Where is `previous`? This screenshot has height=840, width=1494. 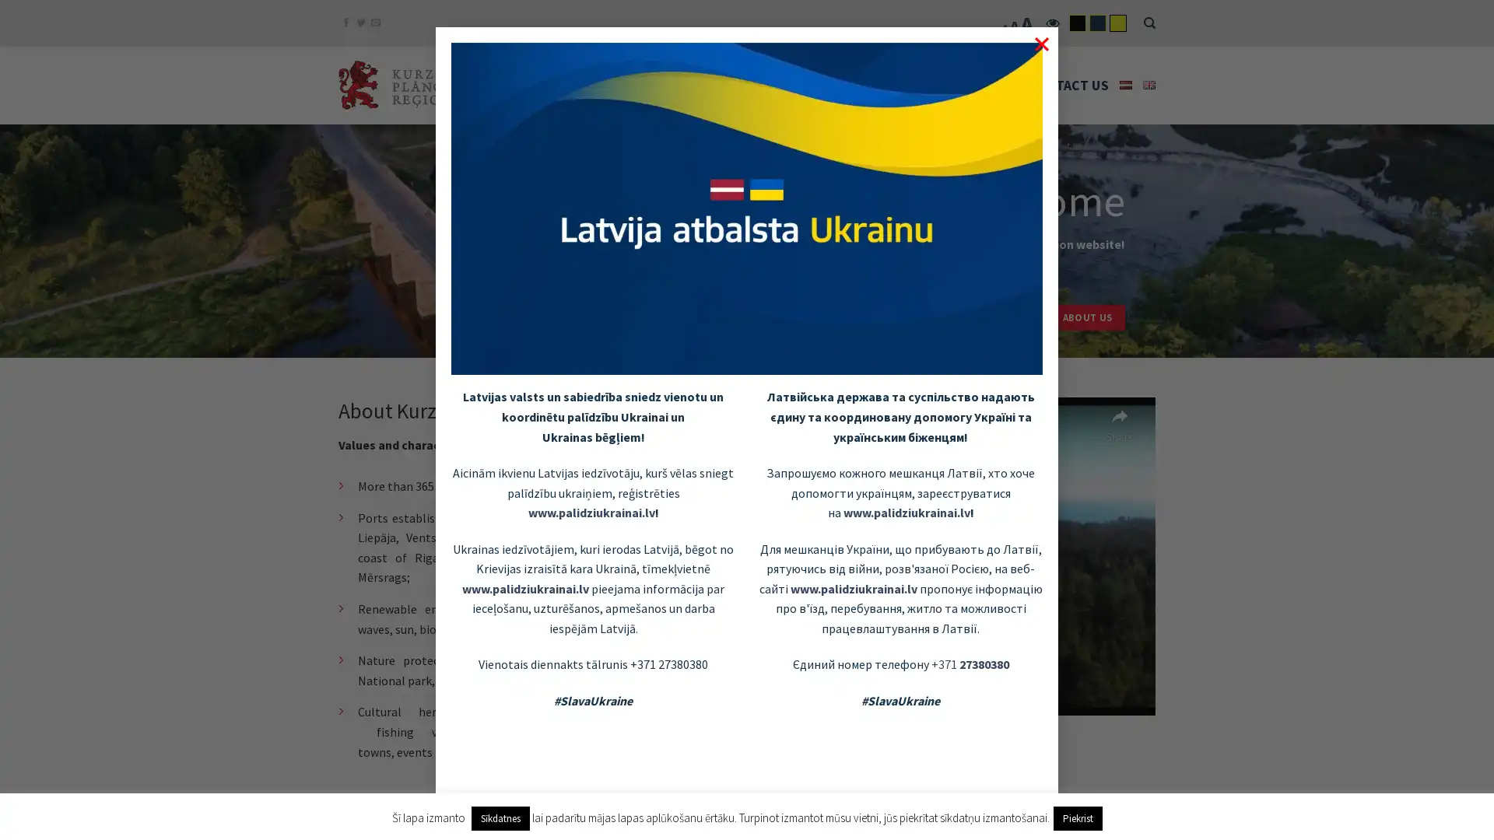 previous is located at coordinates (48, 240).